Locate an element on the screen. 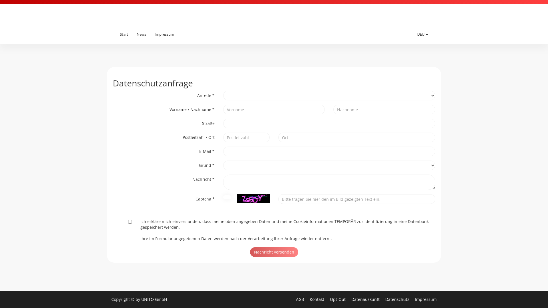  'AGB' is located at coordinates (300, 299).